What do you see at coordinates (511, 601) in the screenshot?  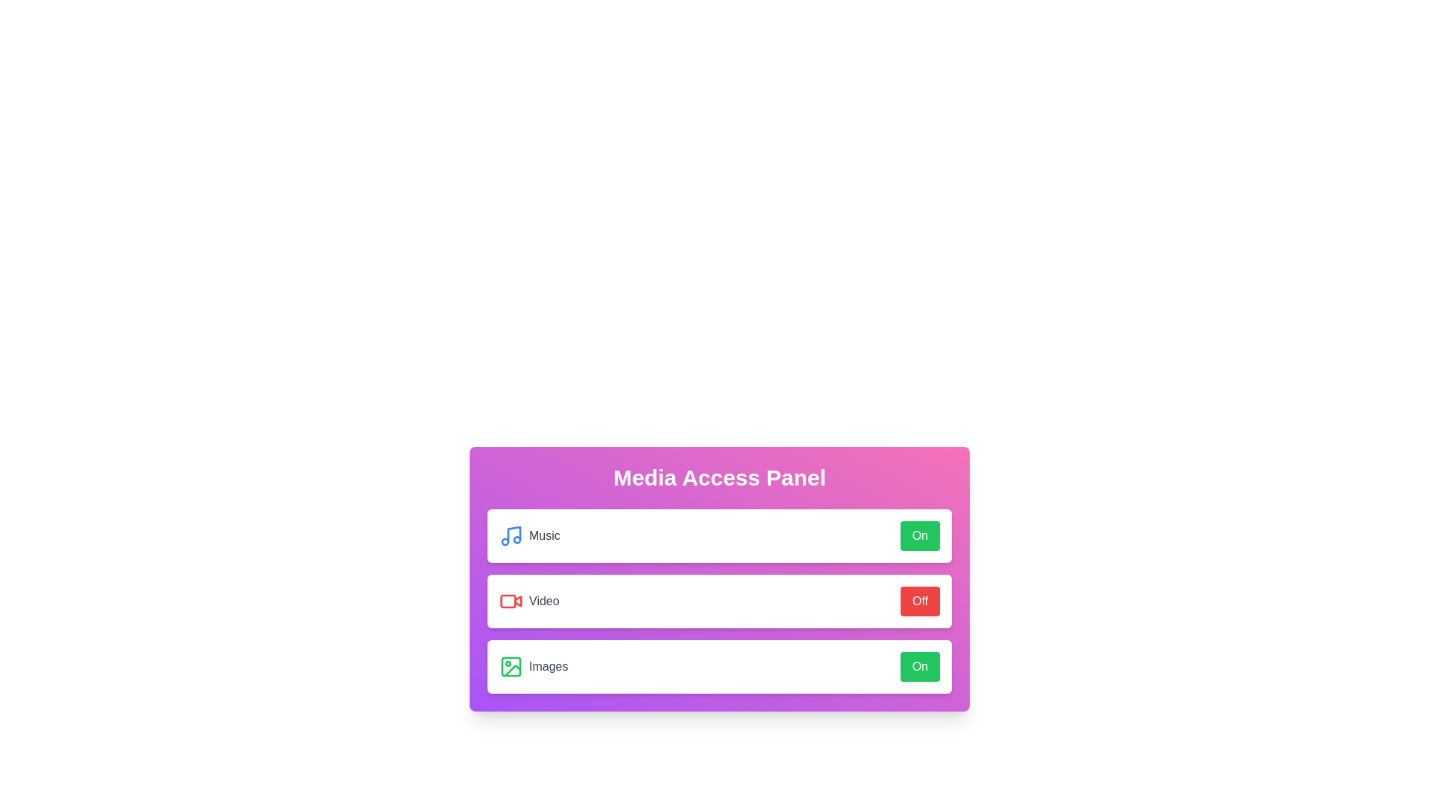 I see `the video icon to interact visually` at bounding box center [511, 601].